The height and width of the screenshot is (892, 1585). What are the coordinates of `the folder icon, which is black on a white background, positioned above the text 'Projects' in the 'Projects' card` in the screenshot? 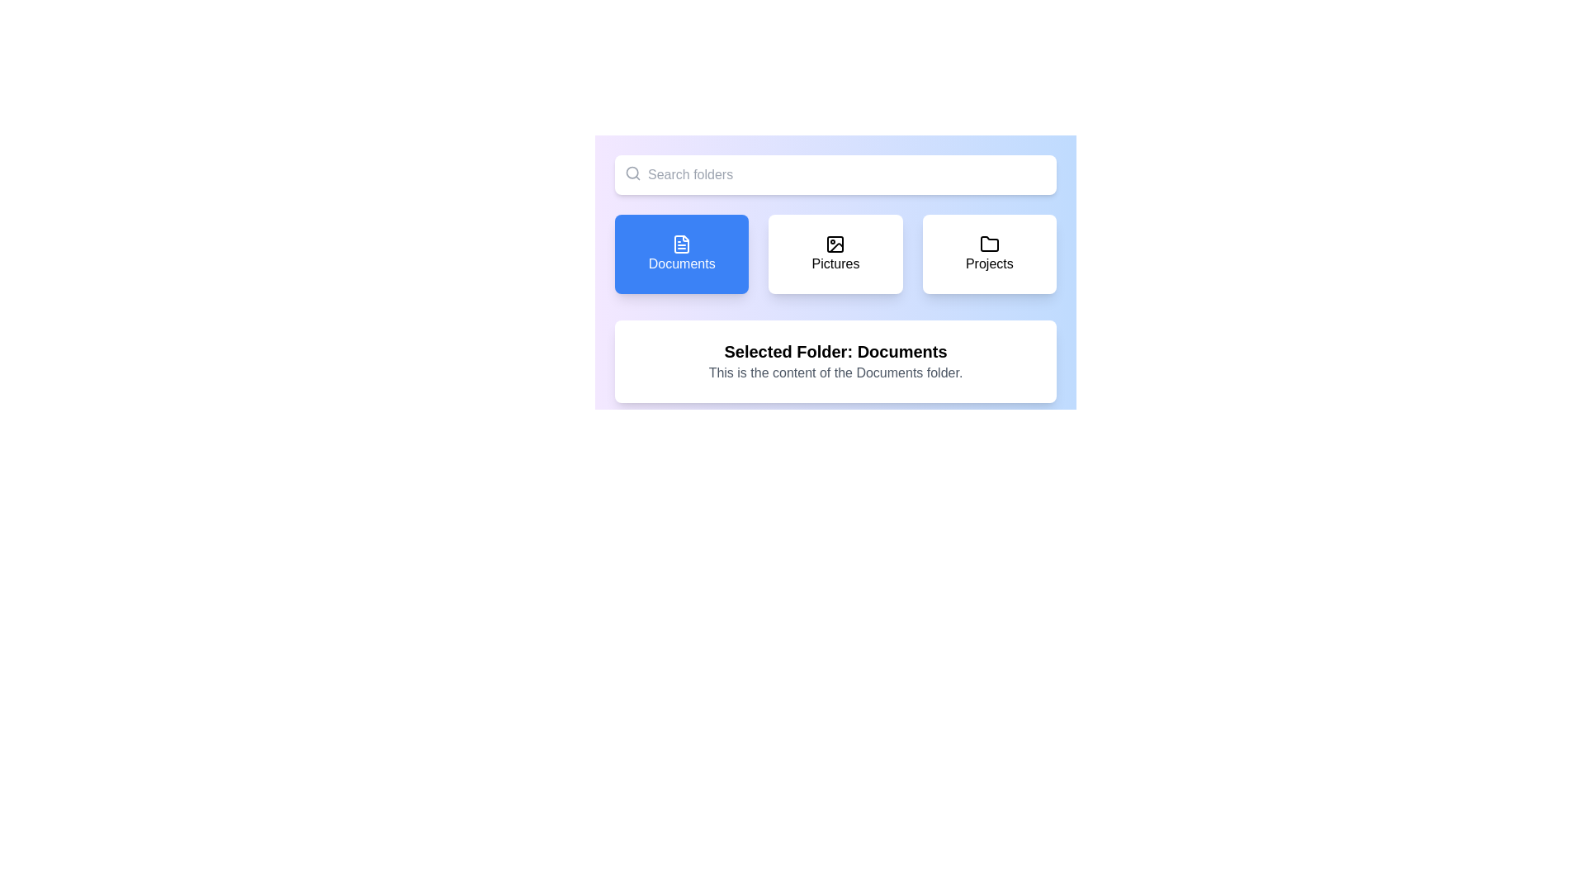 It's located at (989, 244).